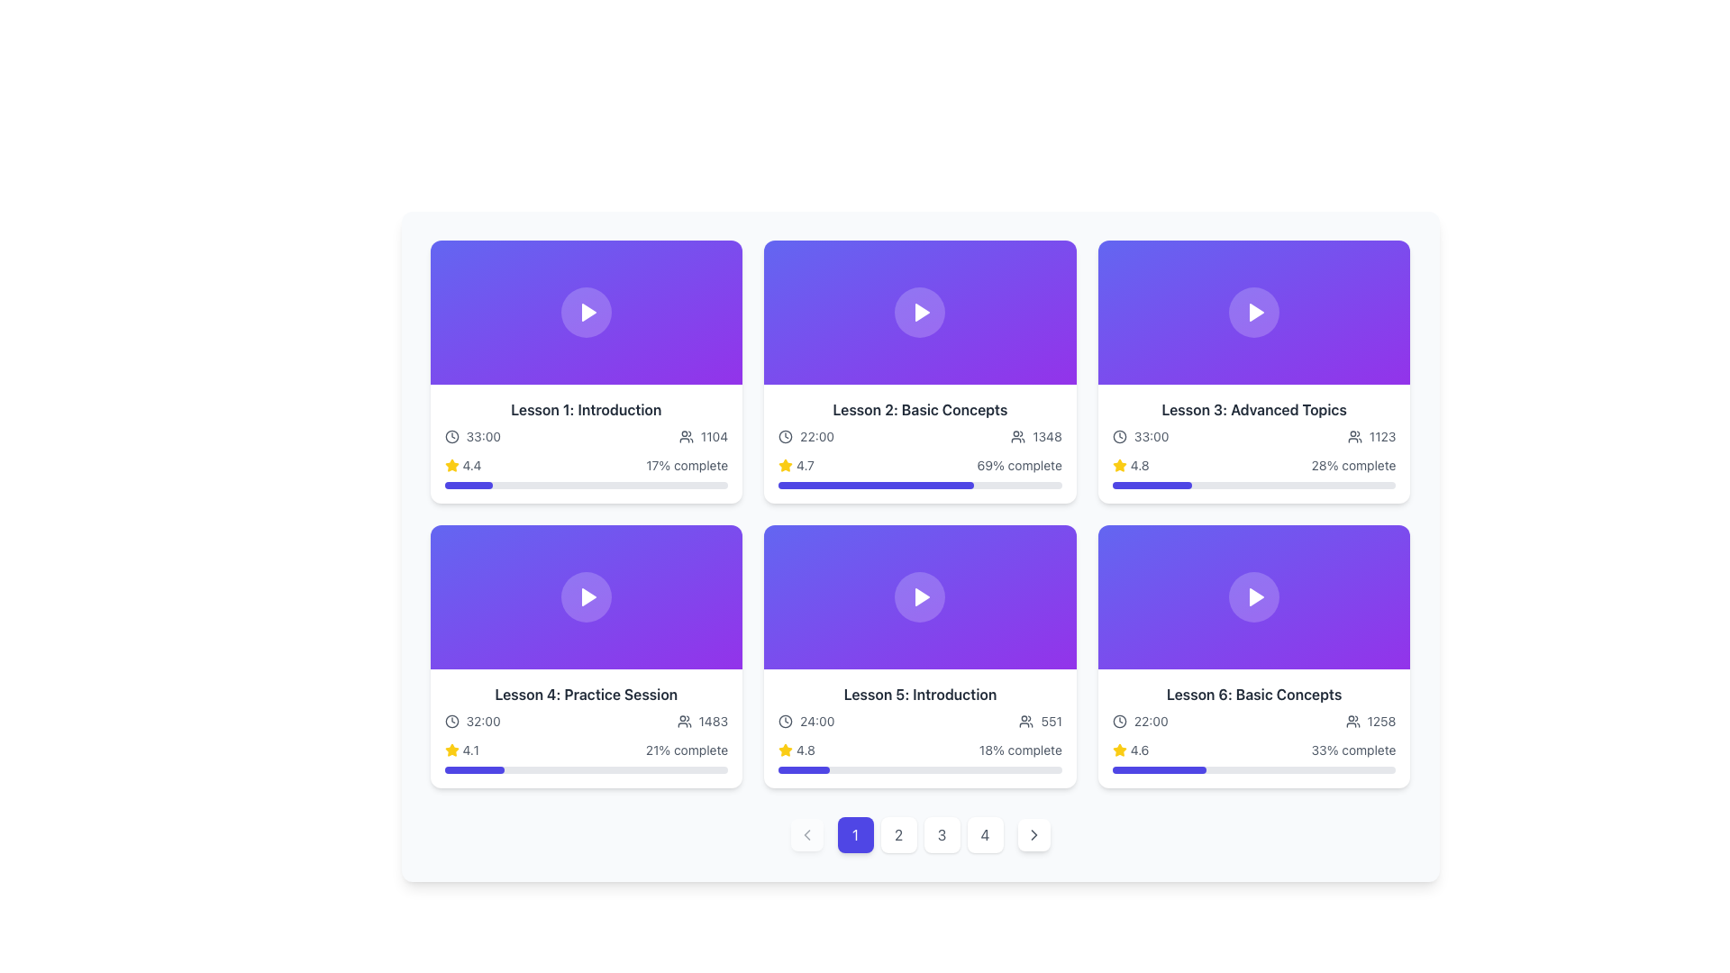  I want to click on the Text label indicating the number of users associated with 'Lesson 1: Introduction', located near the right side of the user statistics area, immediately to the right of the user accounts icon, so click(713, 437).